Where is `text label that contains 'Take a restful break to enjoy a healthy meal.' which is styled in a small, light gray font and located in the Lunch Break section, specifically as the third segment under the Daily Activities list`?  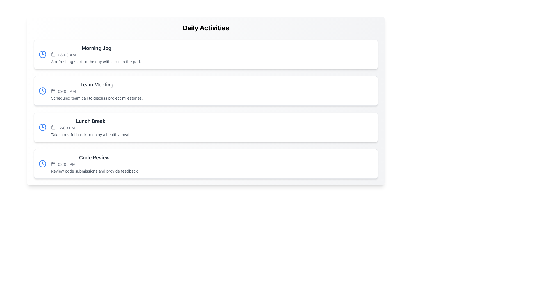 text label that contains 'Take a restful break to enjoy a healthy meal.' which is styled in a small, light gray font and located in the Lunch Break section, specifically as the third segment under the Daily Activities list is located at coordinates (91, 134).